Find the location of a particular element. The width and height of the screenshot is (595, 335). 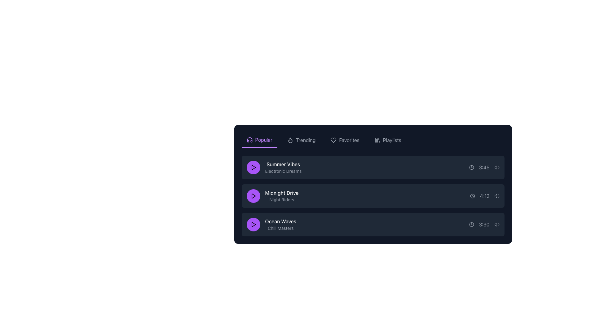

the second navigation tab, which filters or displays trending content is located at coordinates (301, 140).